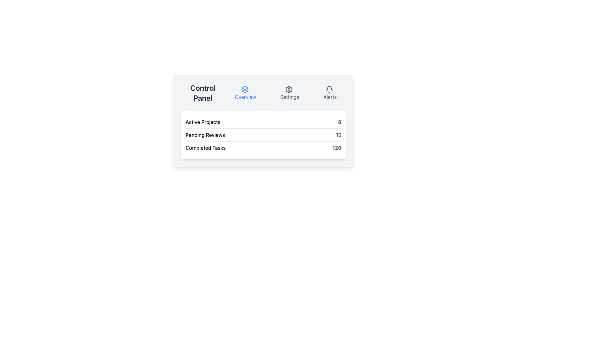 The image size is (603, 339). What do you see at coordinates (244, 89) in the screenshot?
I see `the layers icon in the Overview menu, which features three overlapping trapezoidal shapes aligned vertically, located between the Control Panel text and the Settings icon` at bounding box center [244, 89].